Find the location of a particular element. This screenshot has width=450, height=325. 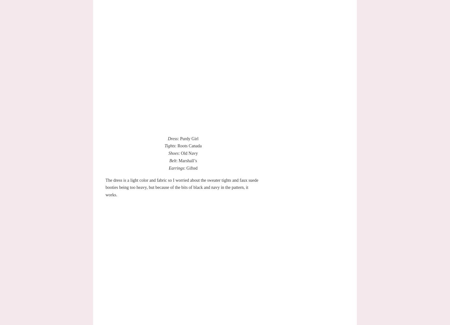

'Belt' is located at coordinates (173, 161).